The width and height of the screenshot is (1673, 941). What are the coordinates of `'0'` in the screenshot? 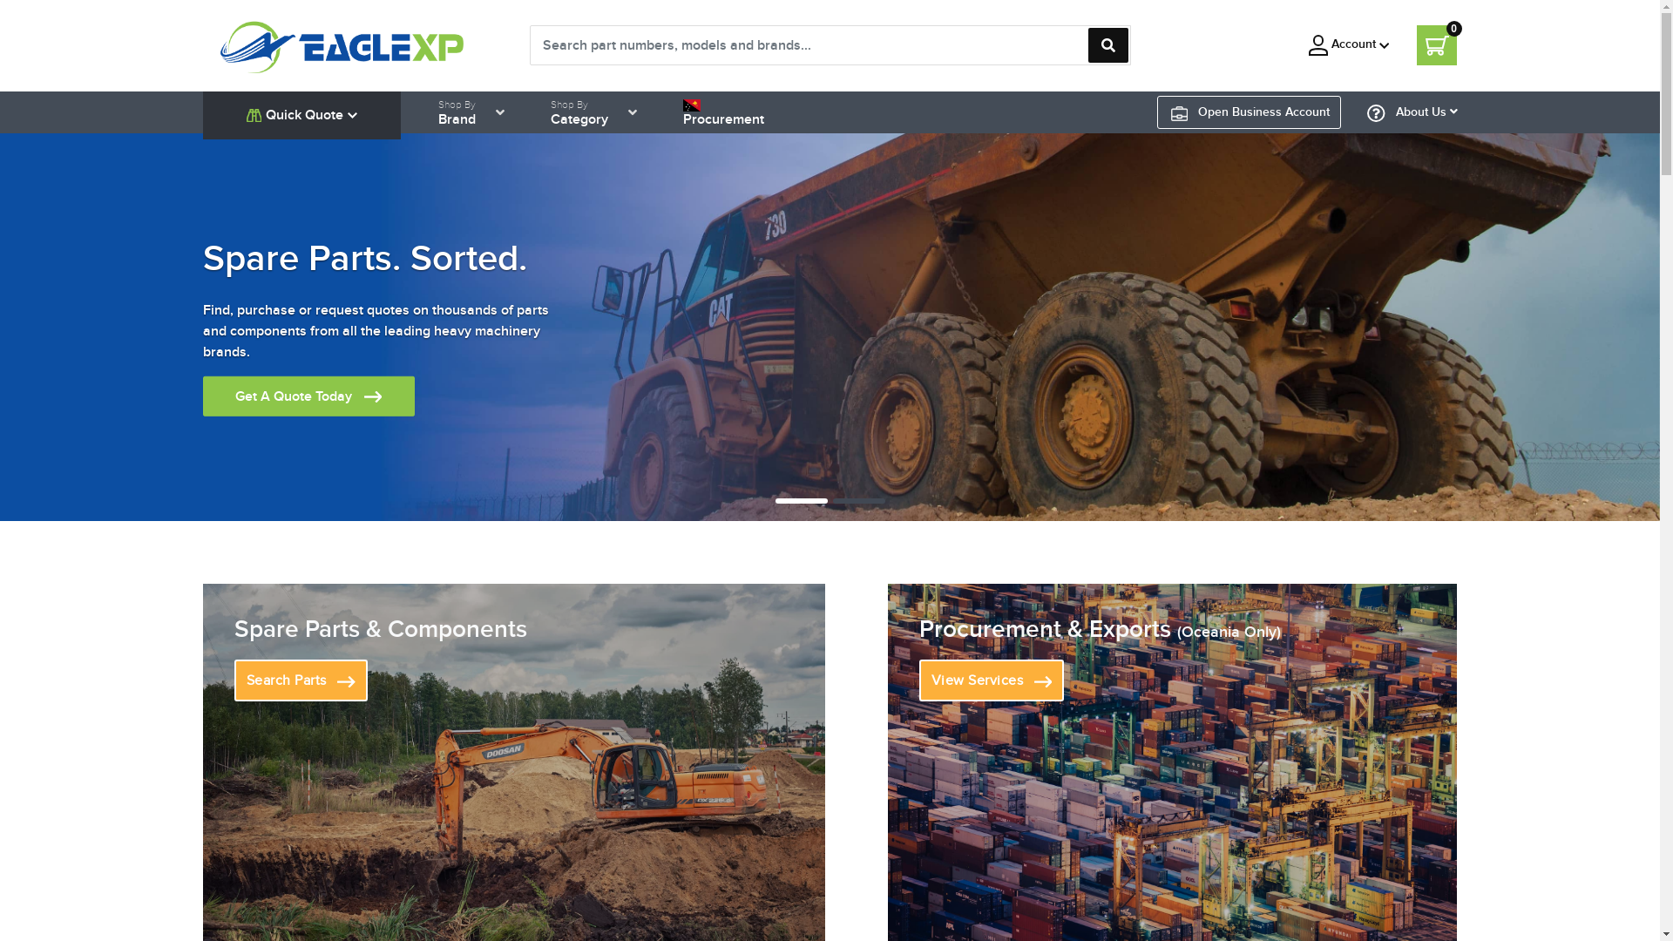 It's located at (1437, 44).